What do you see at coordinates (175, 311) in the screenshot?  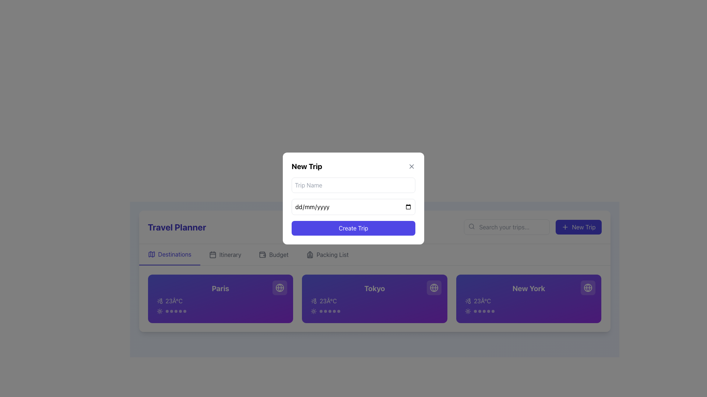 I see `the horizontal row of five small circular indicator dots for ratings or progress located at the bottom of the 'Travel Planner' card for 'Paris'` at bounding box center [175, 311].